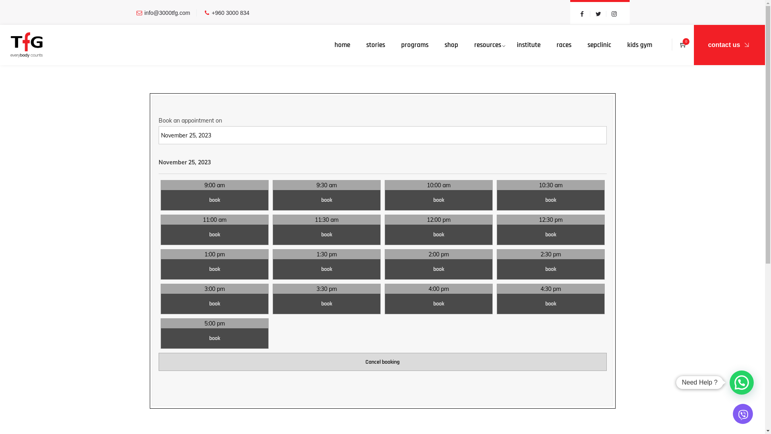 This screenshot has width=771, height=434. What do you see at coordinates (587, 45) in the screenshot?
I see `'sepclinic'` at bounding box center [587, 45].